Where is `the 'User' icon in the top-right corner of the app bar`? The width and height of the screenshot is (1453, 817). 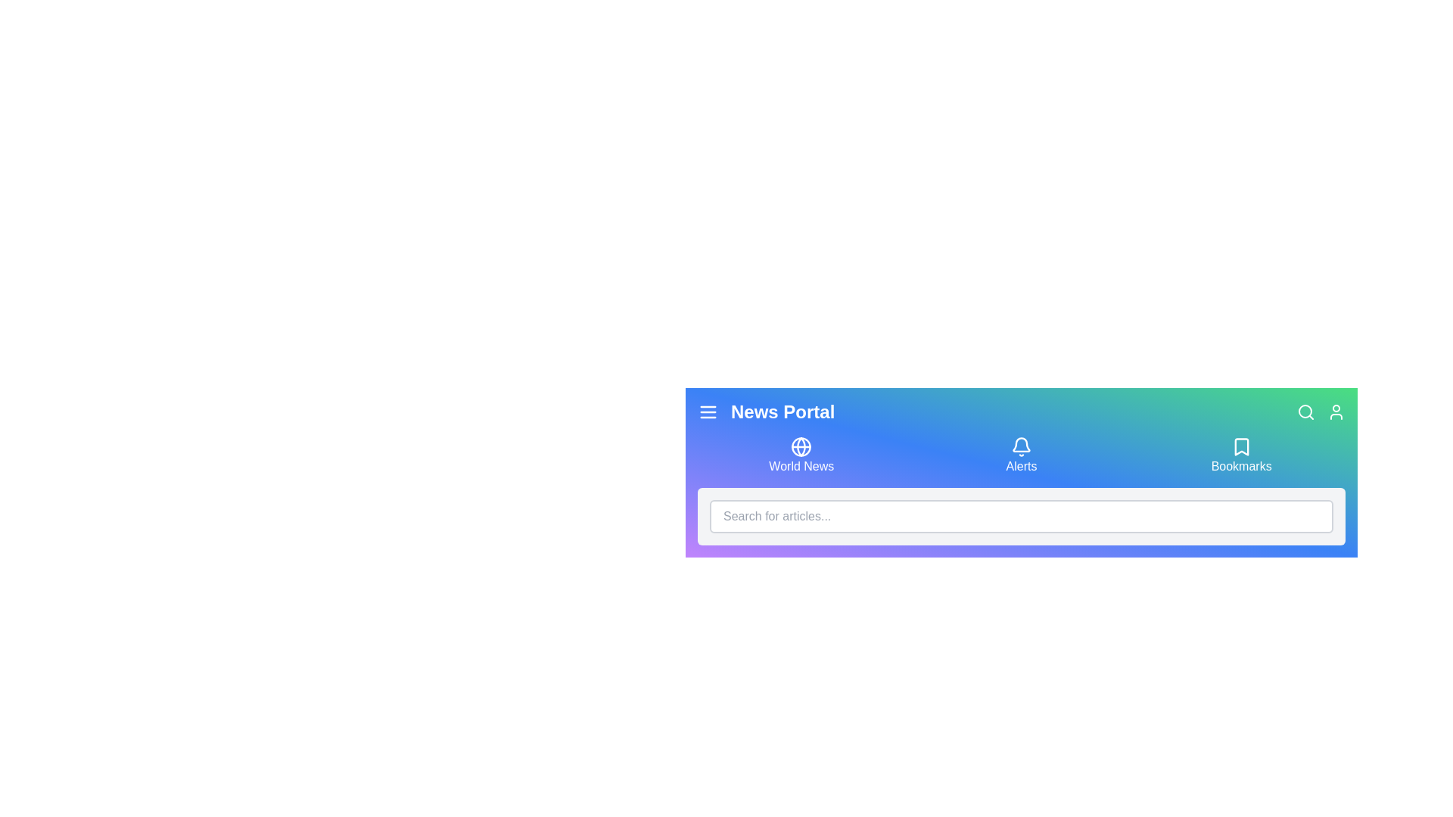
the 'User' icon in the top-right corner of the app bar is located at coordinates (1336, 412).